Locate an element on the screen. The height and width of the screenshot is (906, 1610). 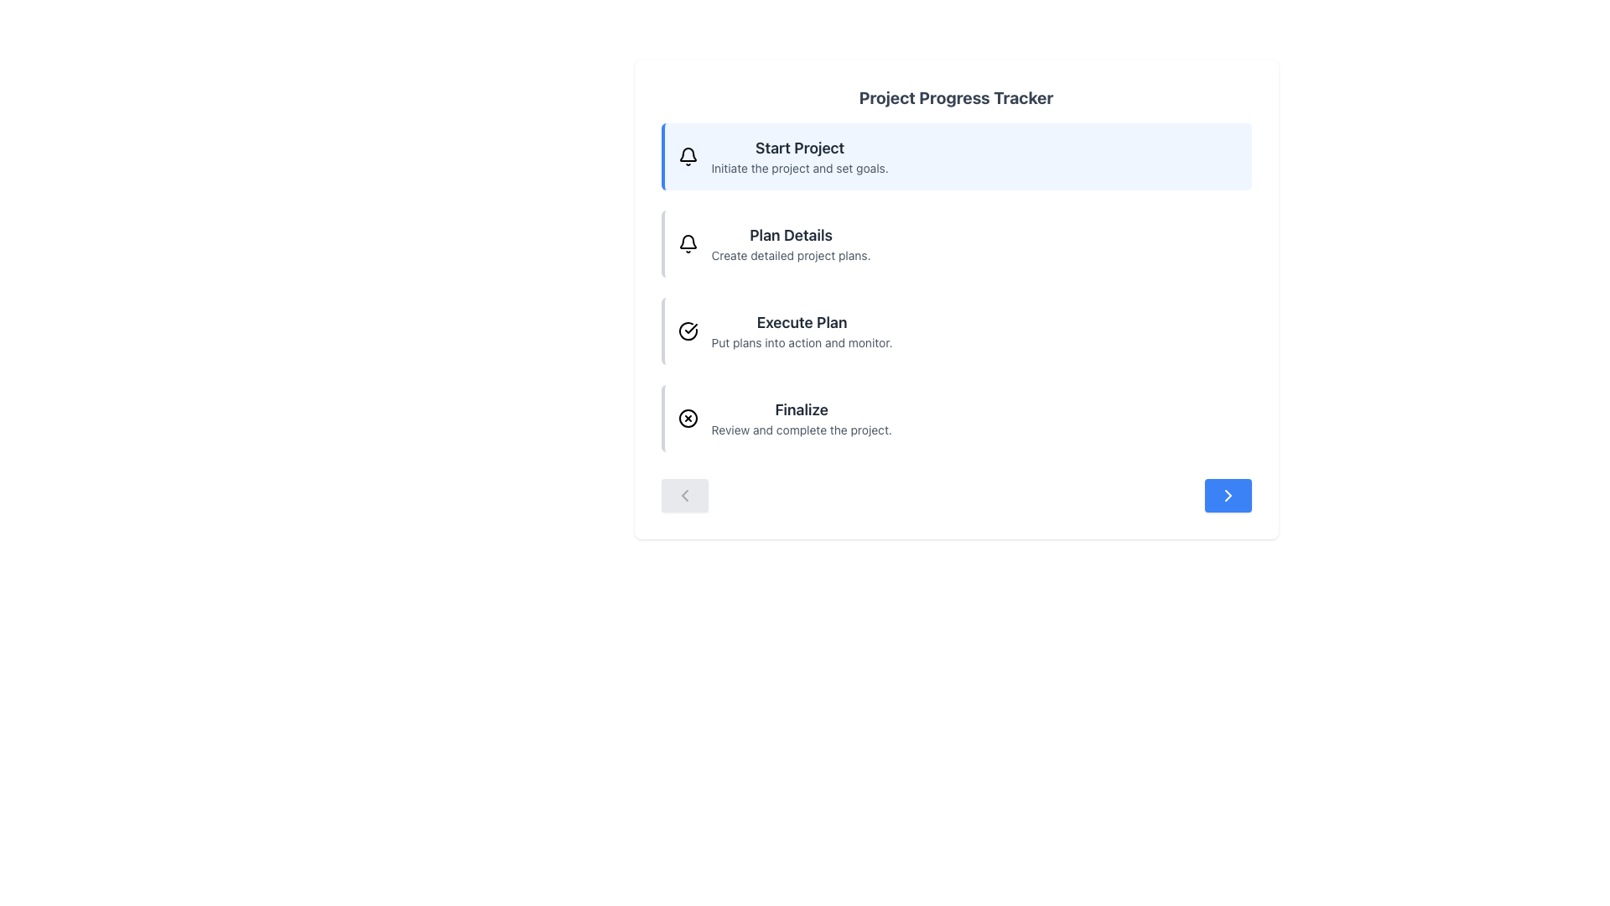
the 'Execute Plan' text label, which is the third item in the progress tracker list, styled in bold dark gray and larger than the adjacent text is located at coordinates (801, 323).